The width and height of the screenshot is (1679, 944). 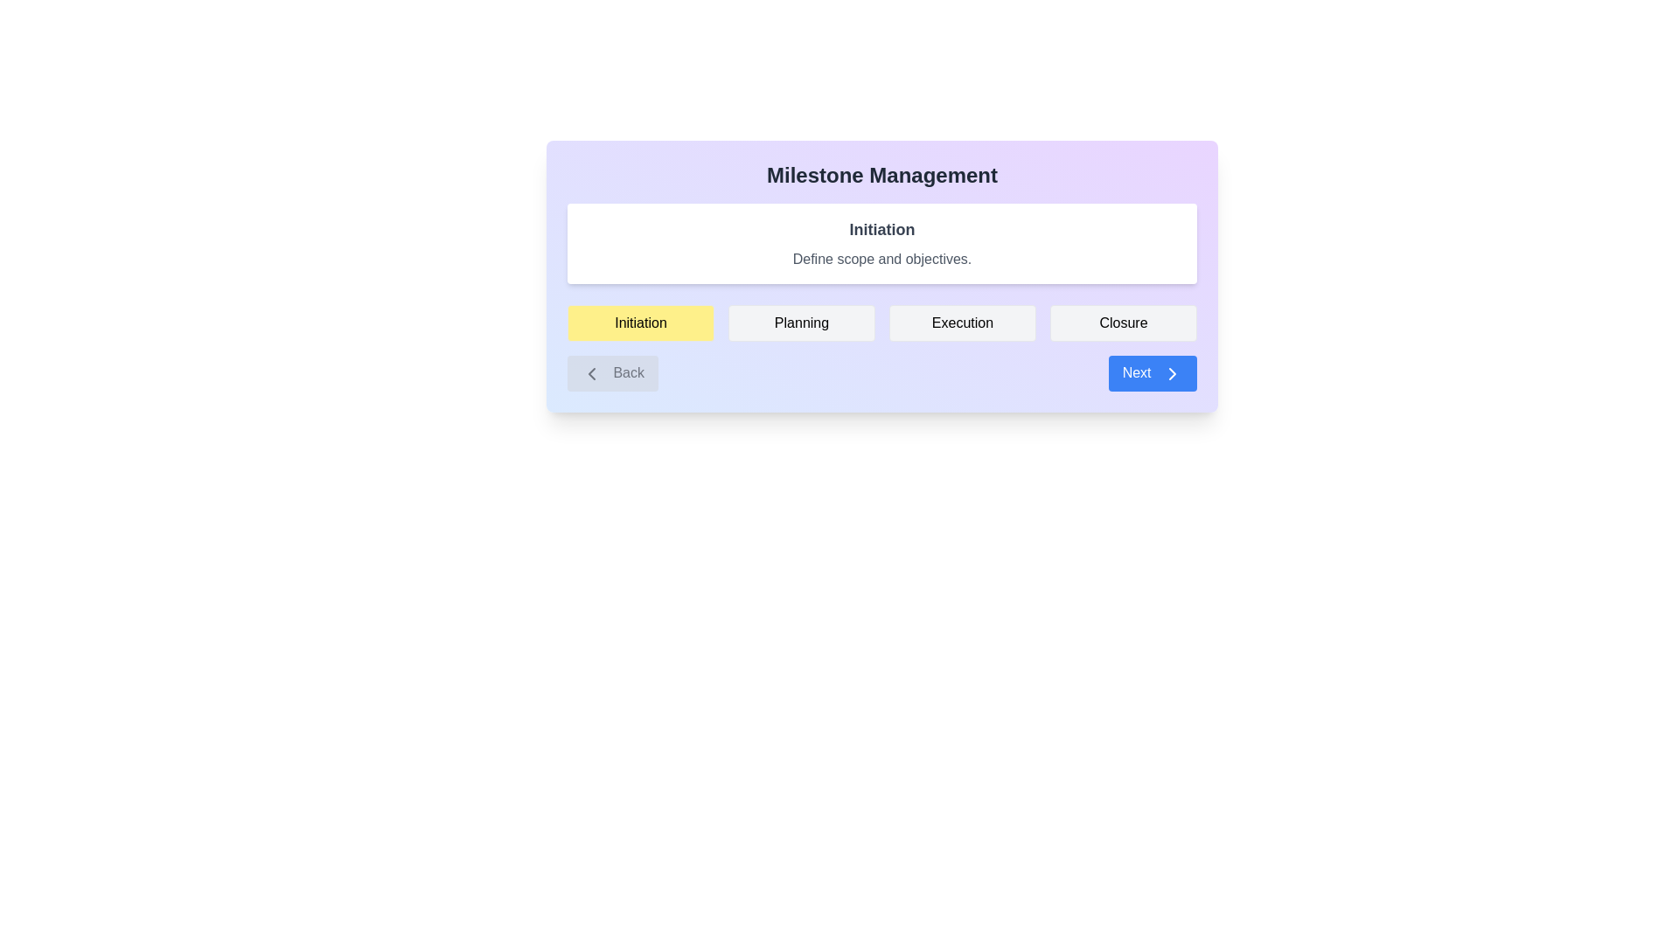 What do you see at coordinates (640, 323) in the screenshot?
I see `the 'Initiation' text label, which is styled in medium-bold black font on a yellow background, to focus or select the stage represented` at bounding box center [640, 323].